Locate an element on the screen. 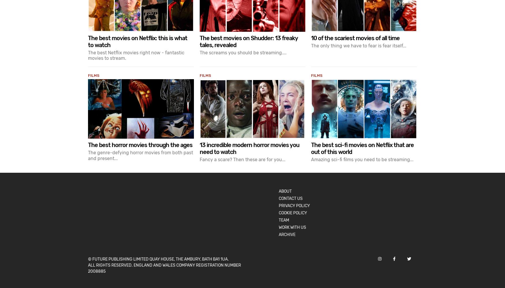 This screenshot has width=505, height=288. 'Amazing sci-fi films you need to be streaming...' is located at coordinates (362, 159).